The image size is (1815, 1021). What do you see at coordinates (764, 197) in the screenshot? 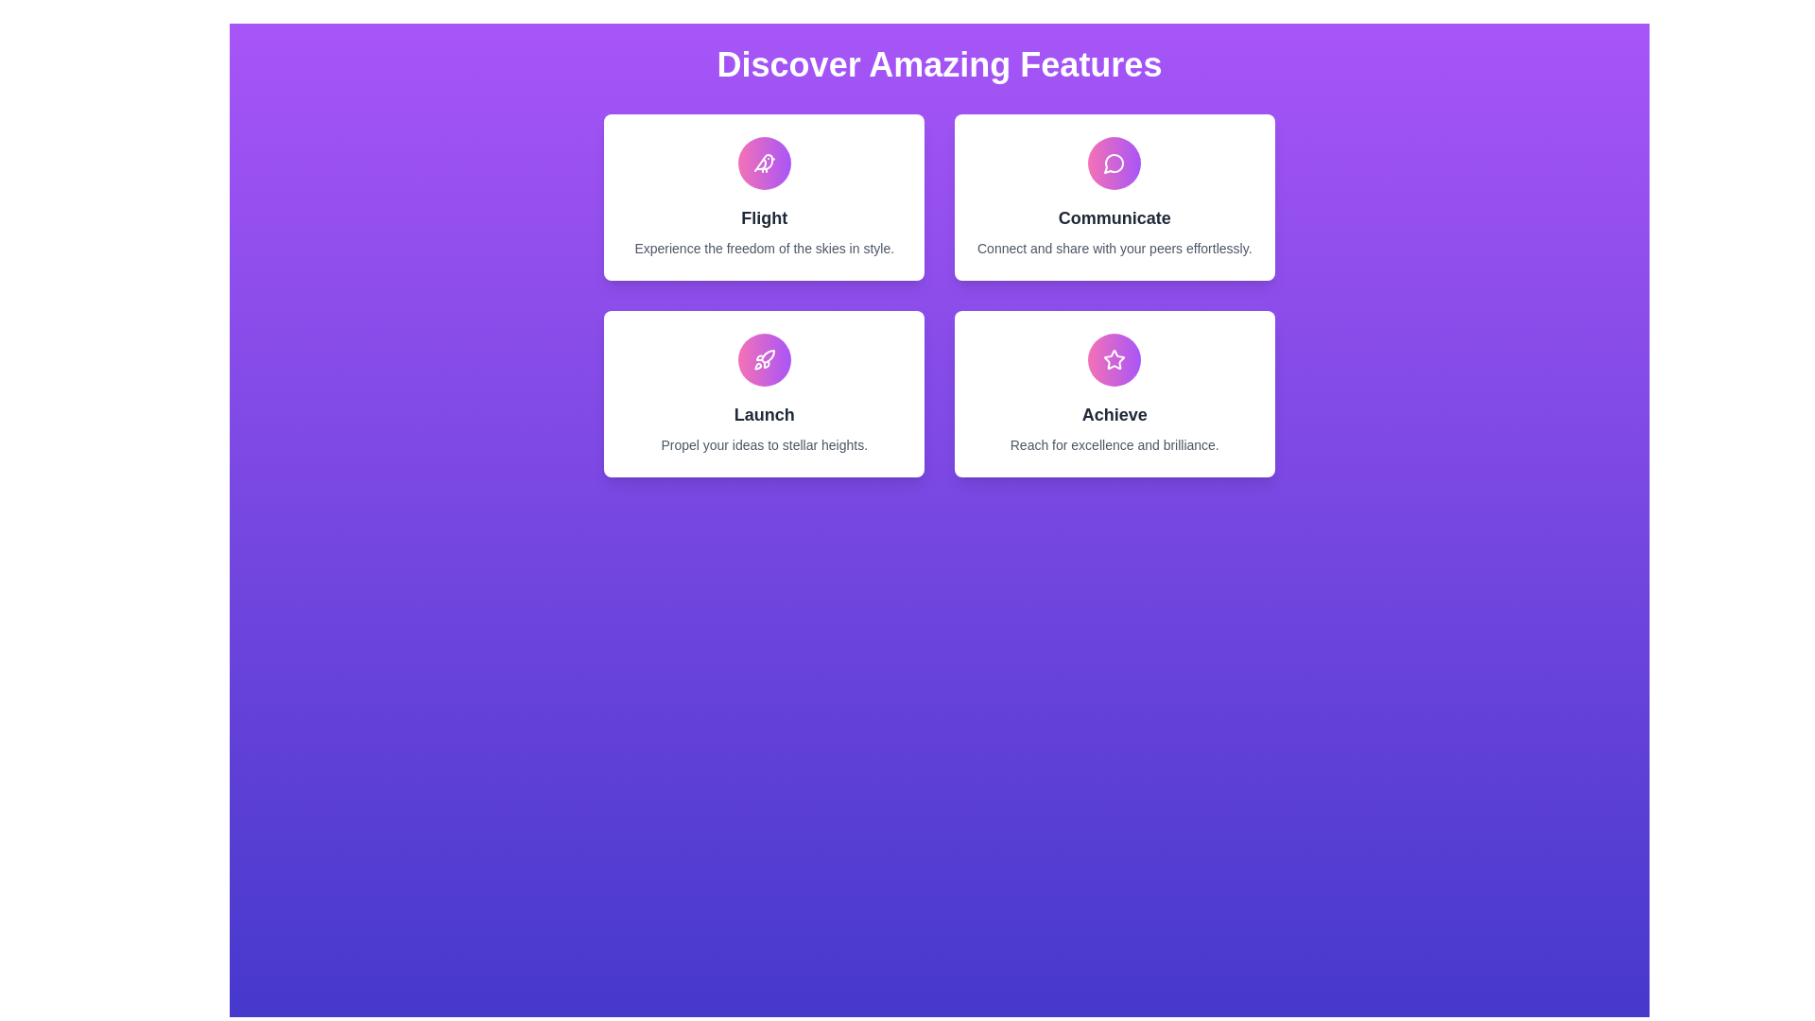
I see `the first card in the grid layout that displays information about 'Flight'` at bounding box center [764, 197].